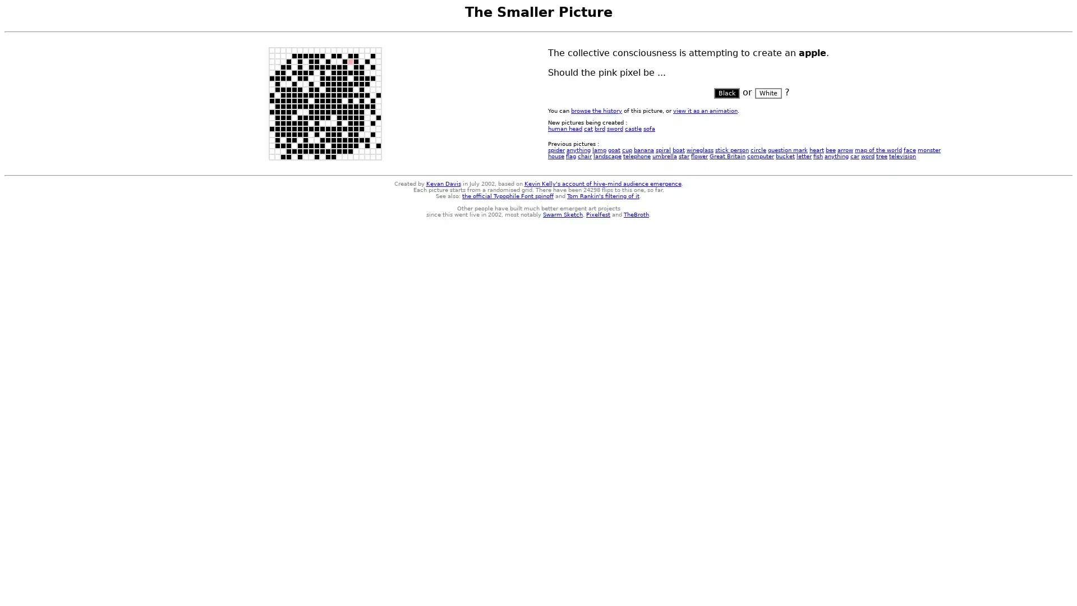  Describe the element at coordinates (767, 93) in the screenshot. I see `White` at that location.